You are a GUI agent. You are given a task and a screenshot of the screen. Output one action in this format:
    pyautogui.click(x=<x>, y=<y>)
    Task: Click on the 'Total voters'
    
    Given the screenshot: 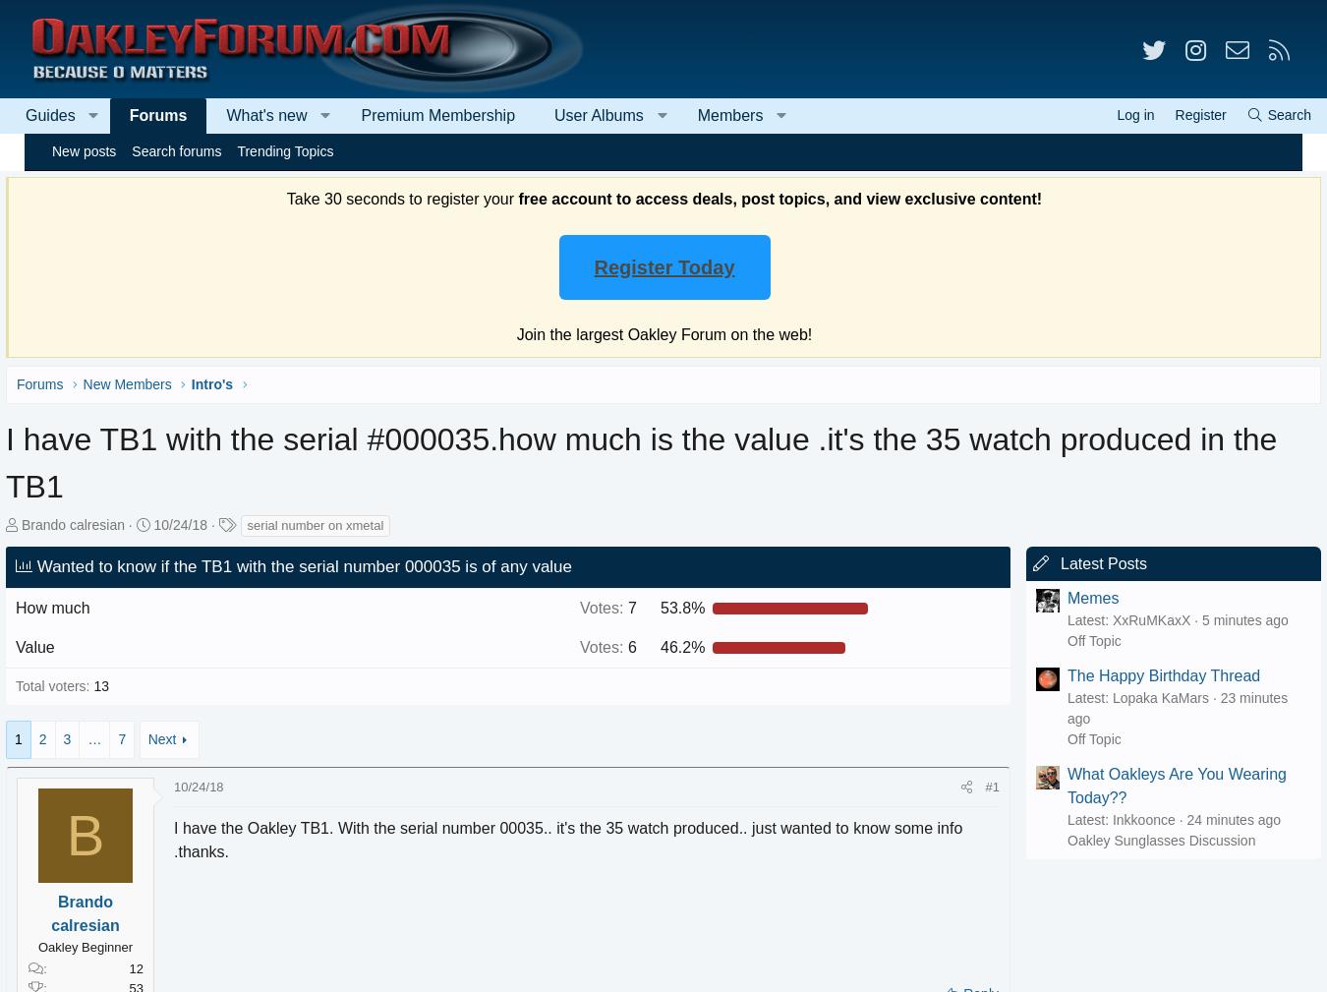 What is the action you would take?
    pyautogui.click(x=78, y=685)
    